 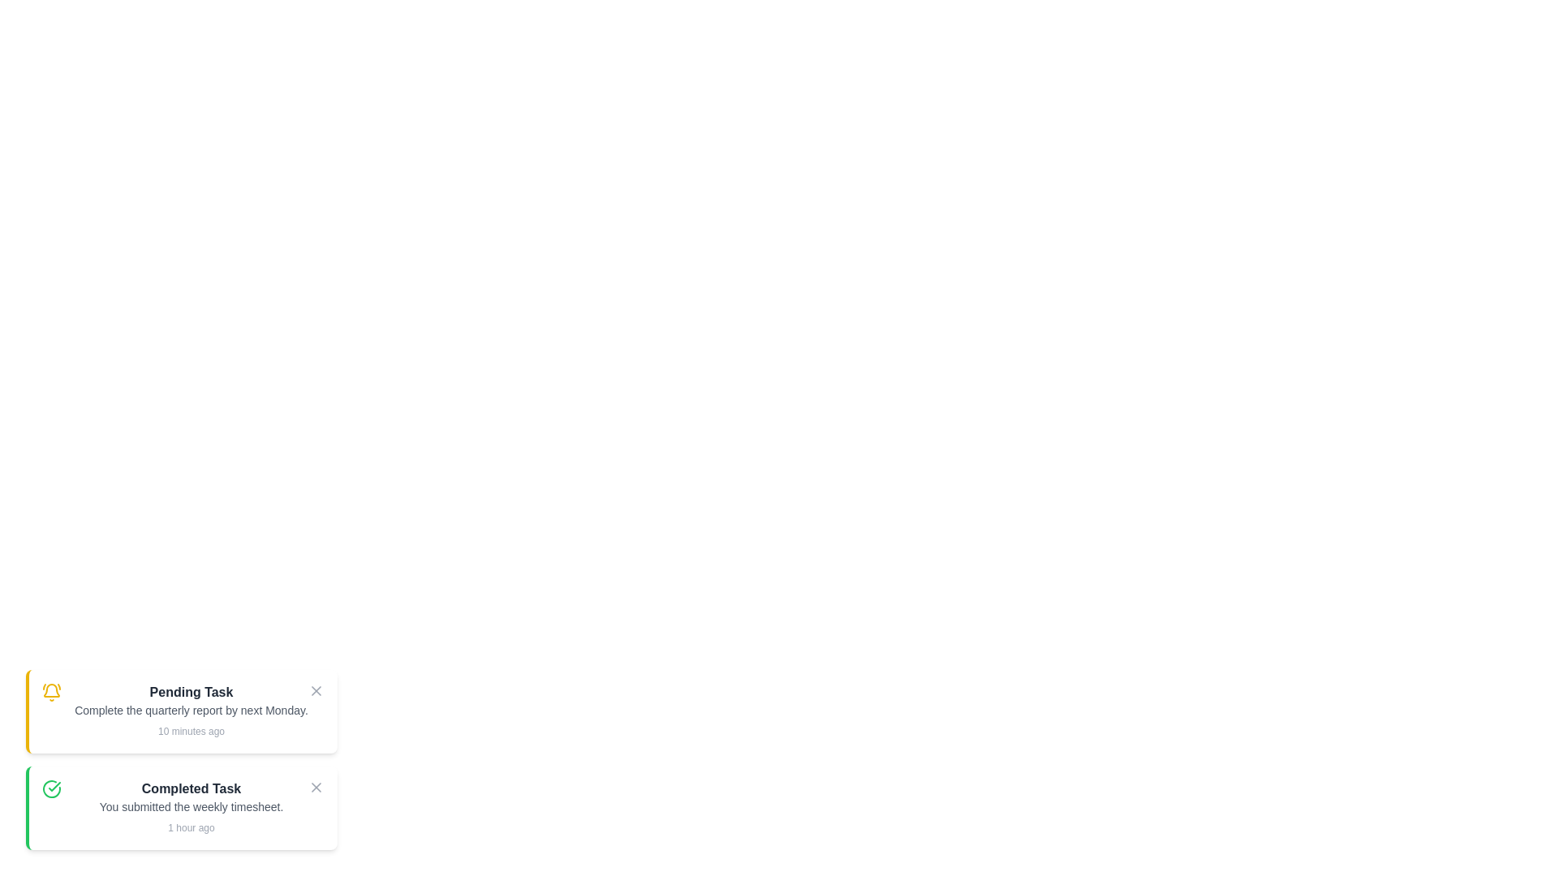 I want to click on the close button of the 'Pending Task' notification to dismiss it, so click(x=316, y=691).